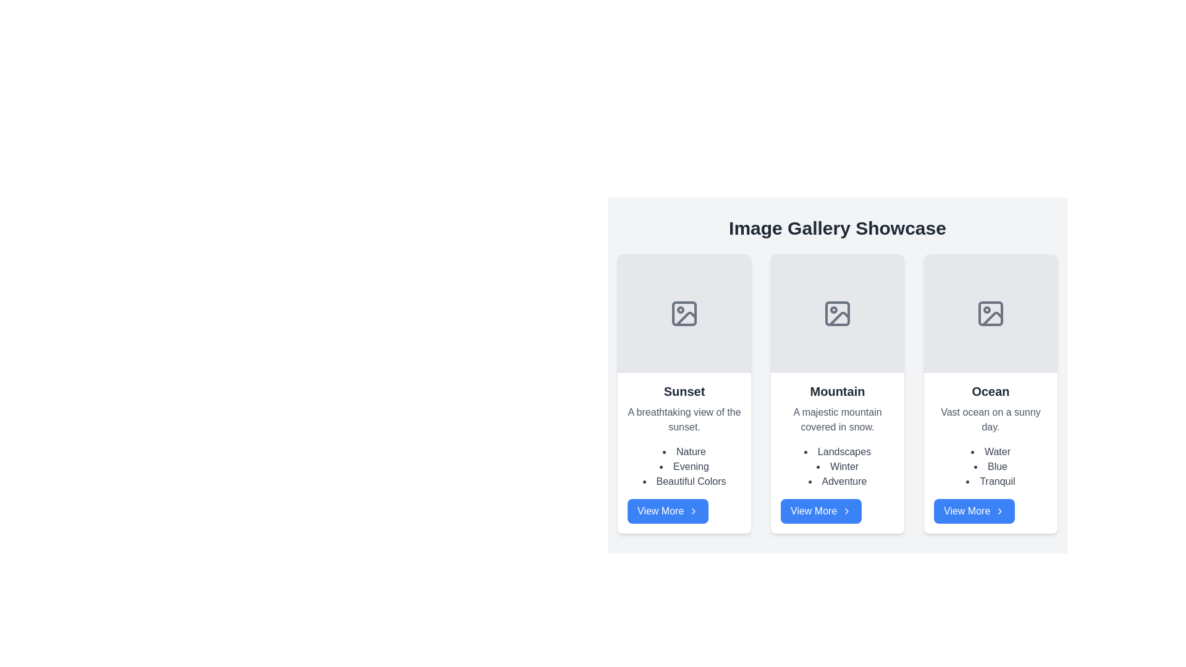 Image resolution: width=1186 pixels, height=667 pixels. Describe the element at coordinates (1000, 511) in the screenshot. I see `the right-chevron icon within the 'View More' button of the 'Ocean' card, which is located at the bottom right of the card` at that location.